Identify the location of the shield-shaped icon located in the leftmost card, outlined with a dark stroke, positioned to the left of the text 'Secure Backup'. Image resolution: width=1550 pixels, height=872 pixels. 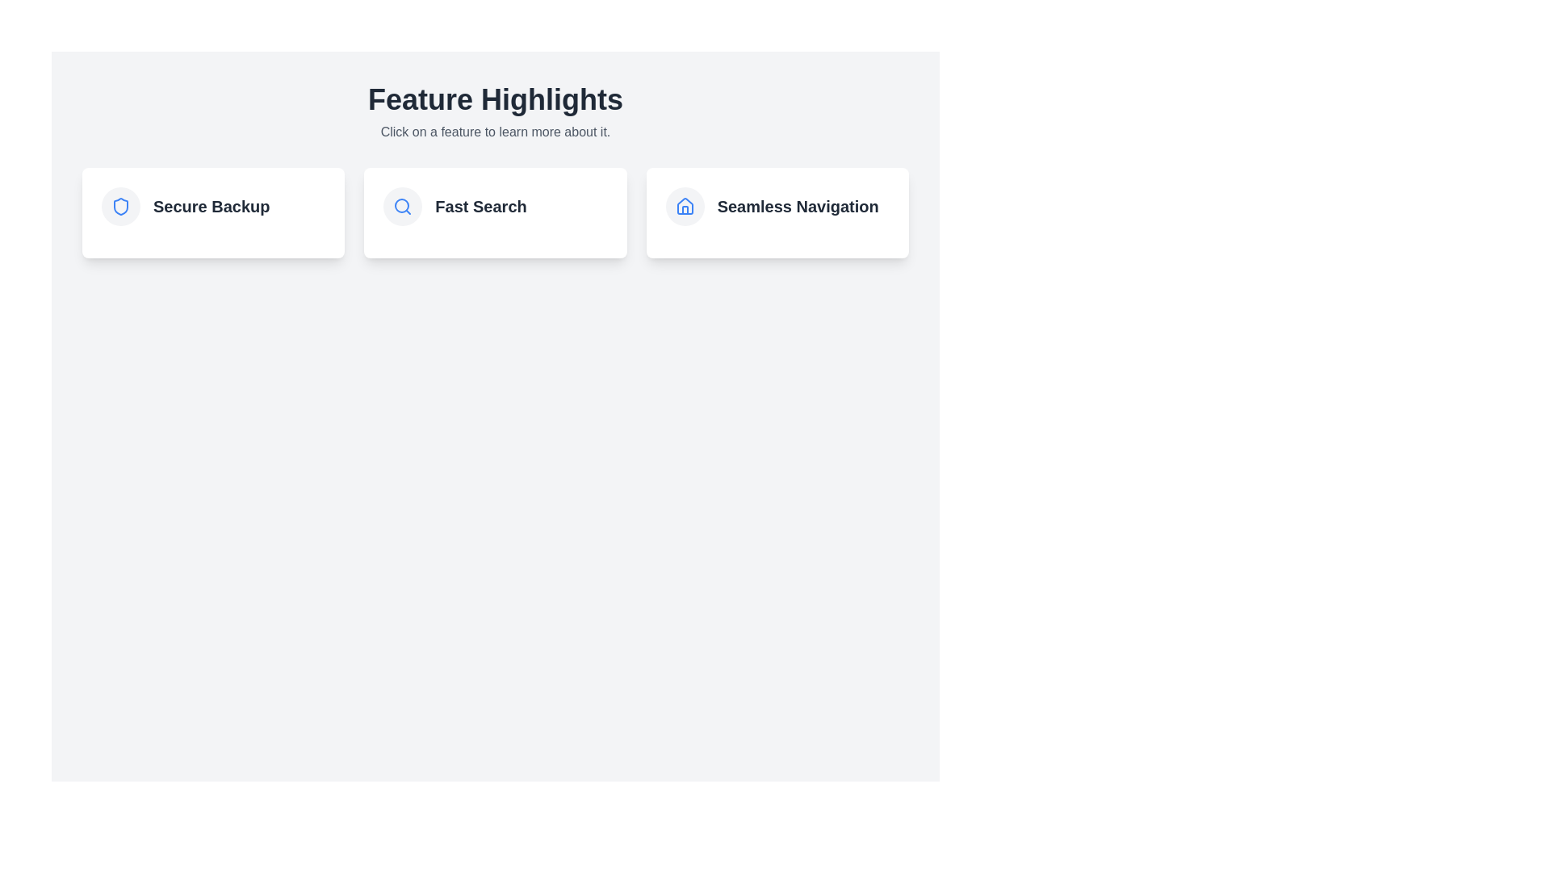
(119, 205).